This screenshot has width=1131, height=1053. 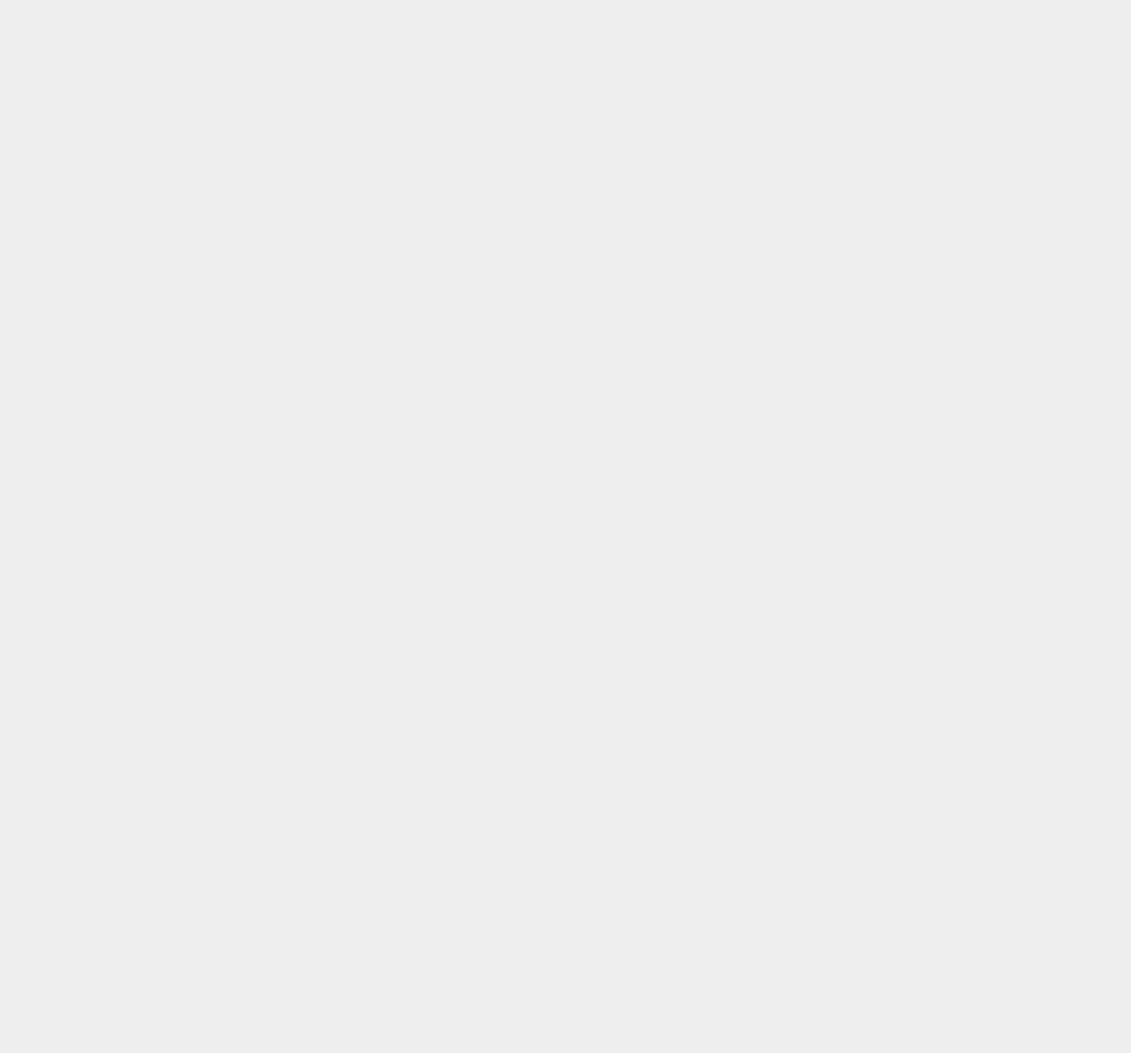 I want to click on 'iOS 9.0.2', so click(x=825, y=851).